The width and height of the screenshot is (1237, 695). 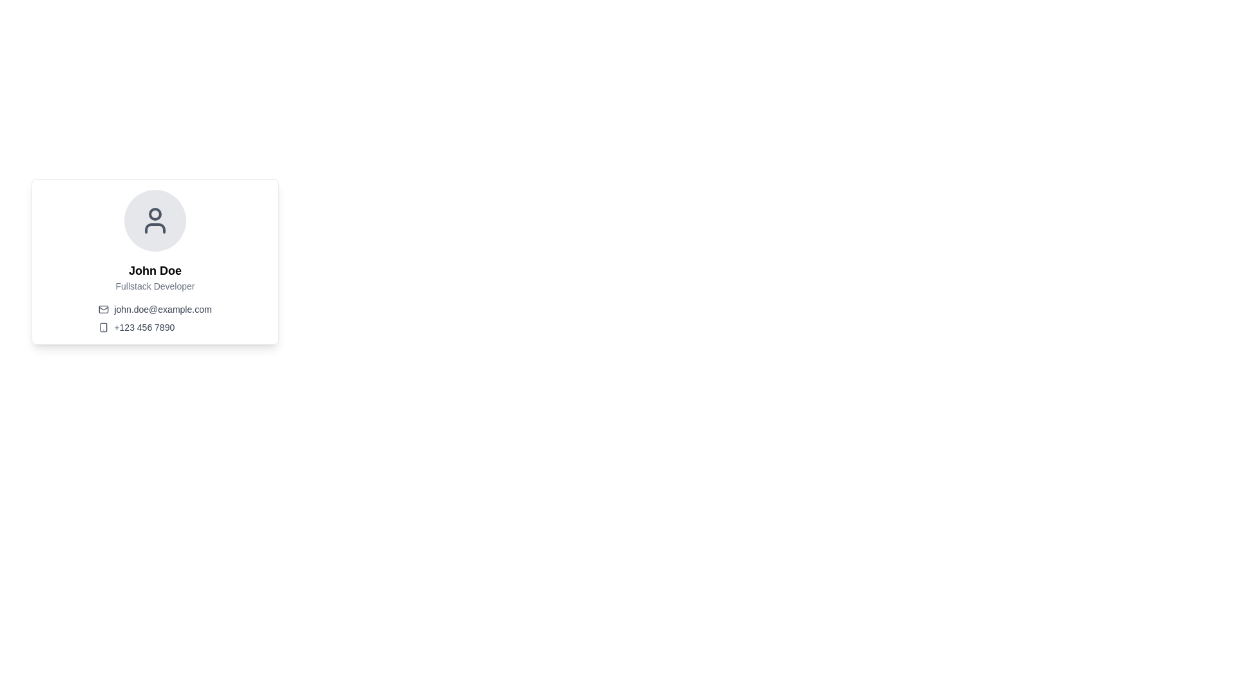 What do you see at coordinates (104, 327) in the screenshot?
I see `the smartphone icon's rectangular base located at the bottom left corner of the user's contact information card by clicking on it` at bounding box center [104, 327].